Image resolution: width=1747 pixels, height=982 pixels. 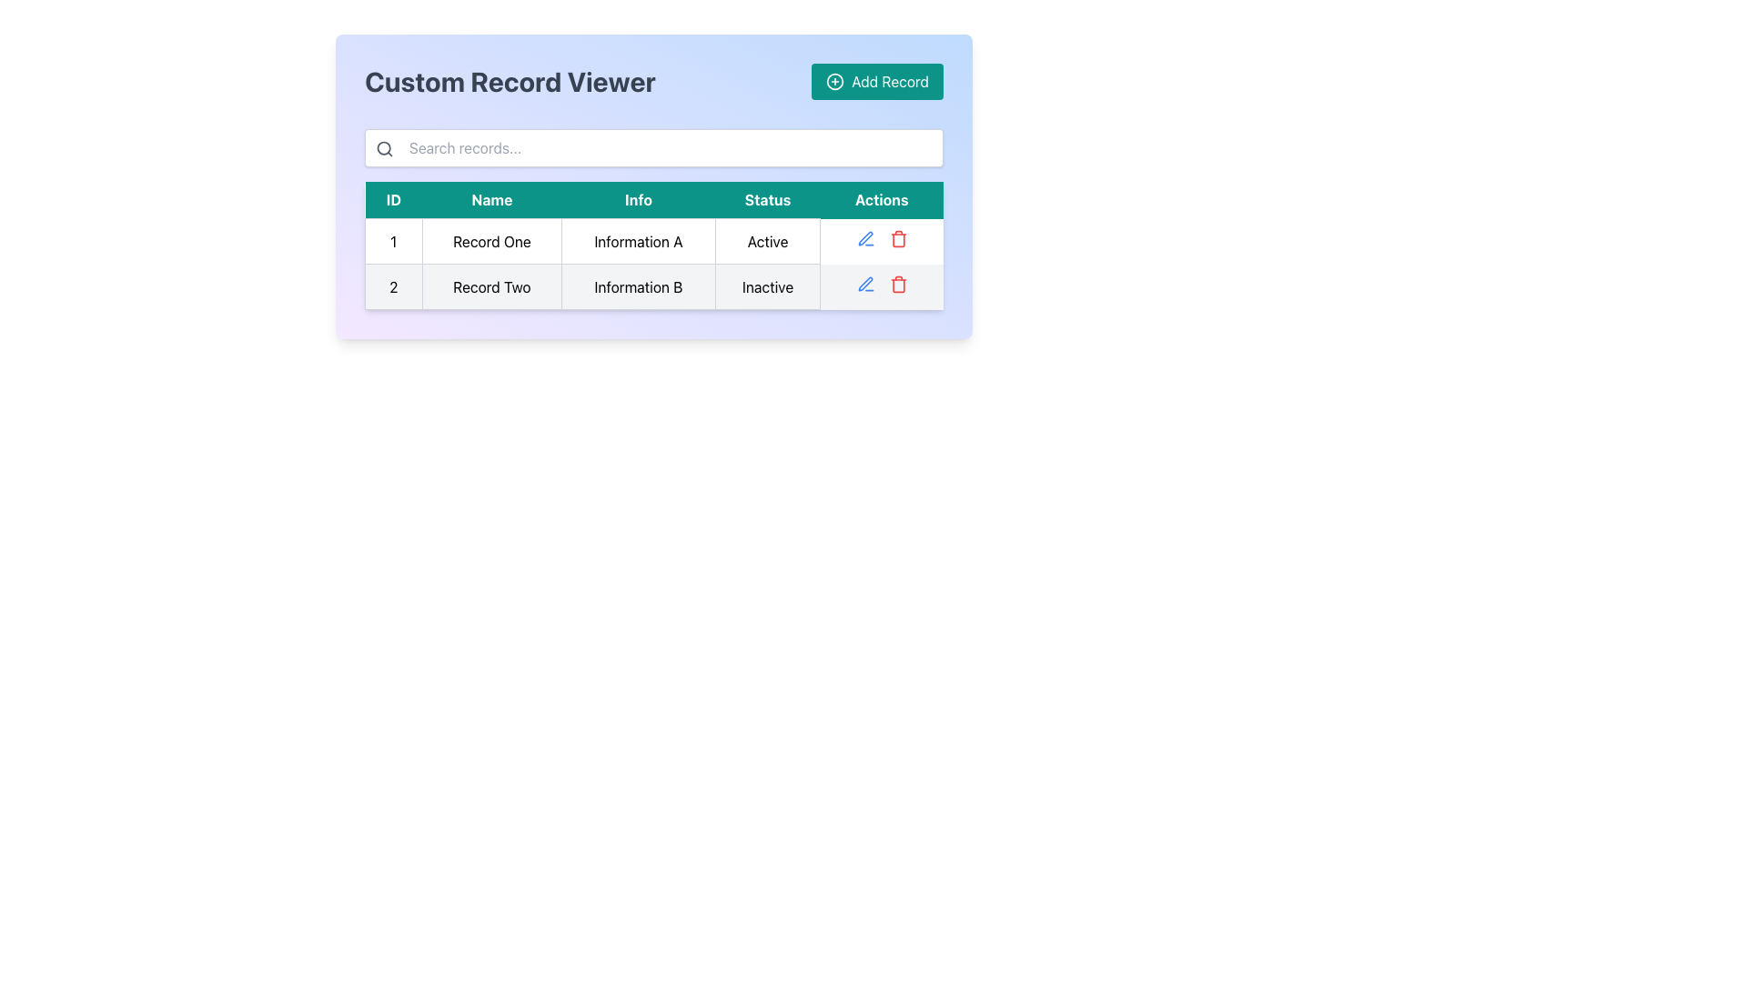 I want to click on the first row of the data table, so click(x=654, y=240).